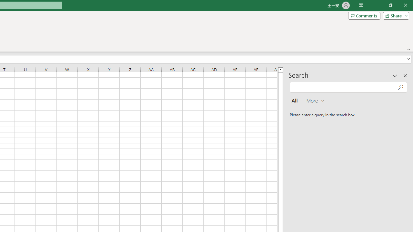 This screenshot has width=413, height=232. Describe the element at coordinates (364, 15) in the screenshot. I see `'Comments'` at that location.